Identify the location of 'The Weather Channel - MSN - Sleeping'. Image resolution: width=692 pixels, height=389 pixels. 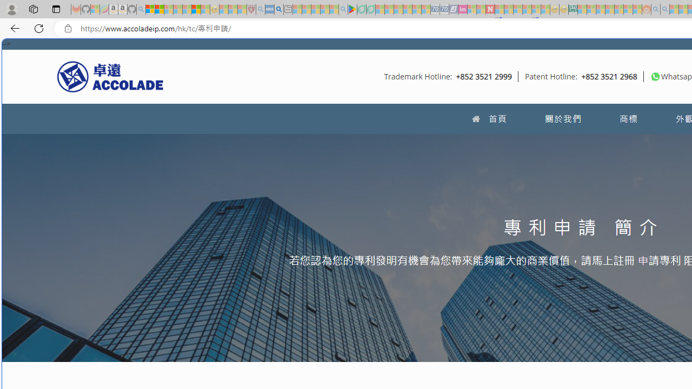
(168, 9).